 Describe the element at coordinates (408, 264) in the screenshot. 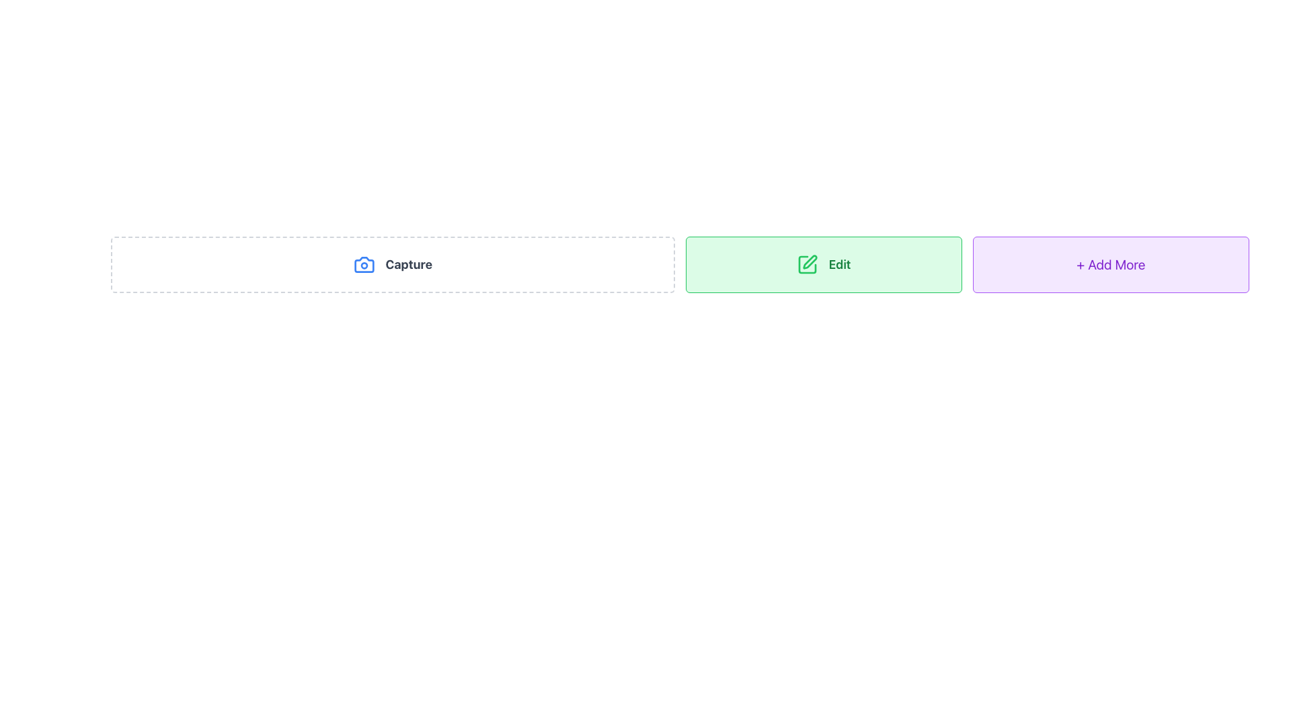

I see `the bold text label reading 'Capture', which is styled in a large dark gray font and positioned next to a blue camera icon` at that location.